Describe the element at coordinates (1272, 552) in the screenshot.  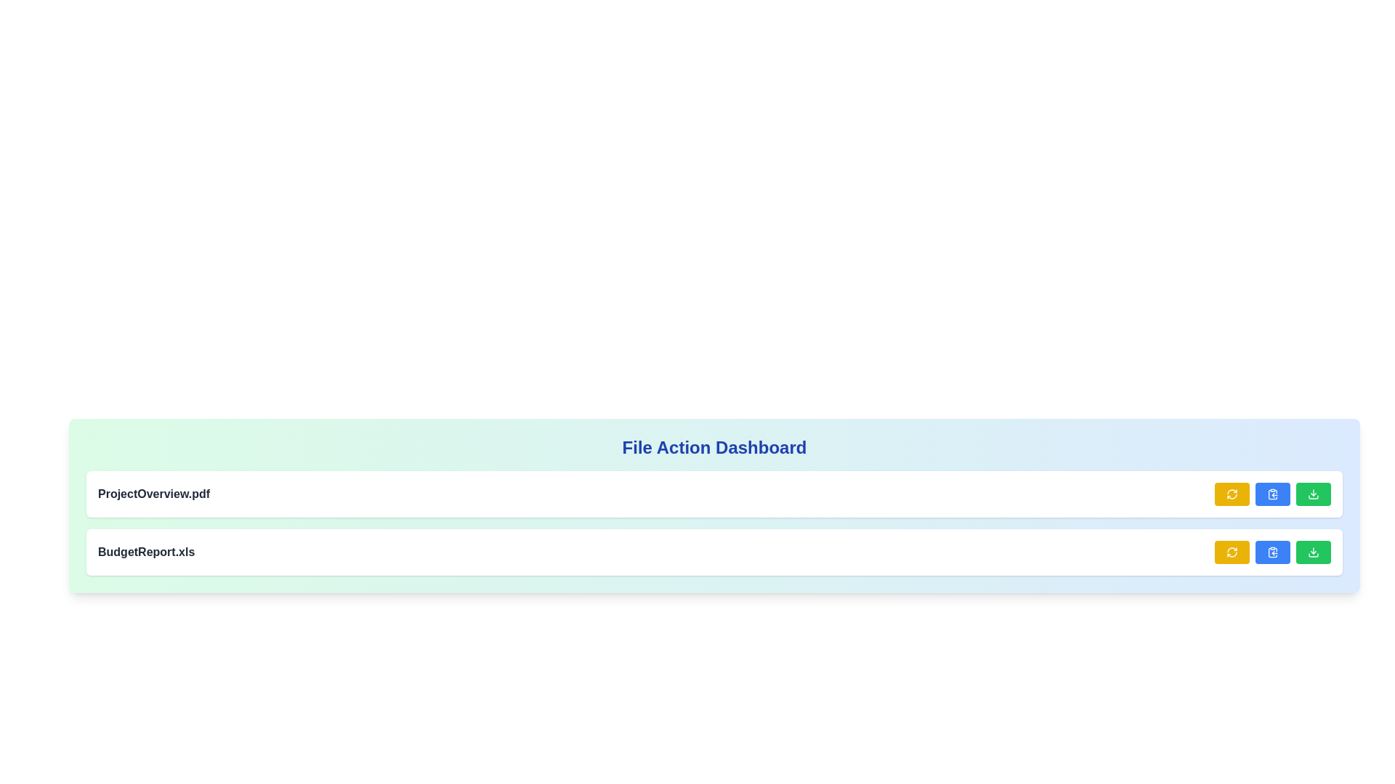
I see `the 'Copy to Clipboard' icon button located to the right of the second file entry 'BudgetReport.xls'` at that location.